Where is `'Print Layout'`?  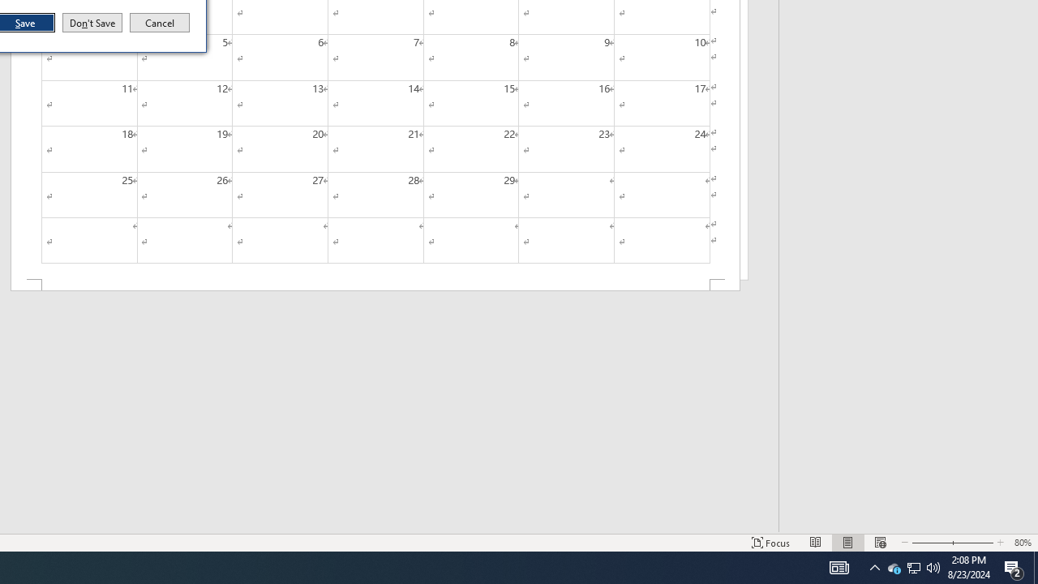 'Print Layout' is located at coordinates (816, 543).